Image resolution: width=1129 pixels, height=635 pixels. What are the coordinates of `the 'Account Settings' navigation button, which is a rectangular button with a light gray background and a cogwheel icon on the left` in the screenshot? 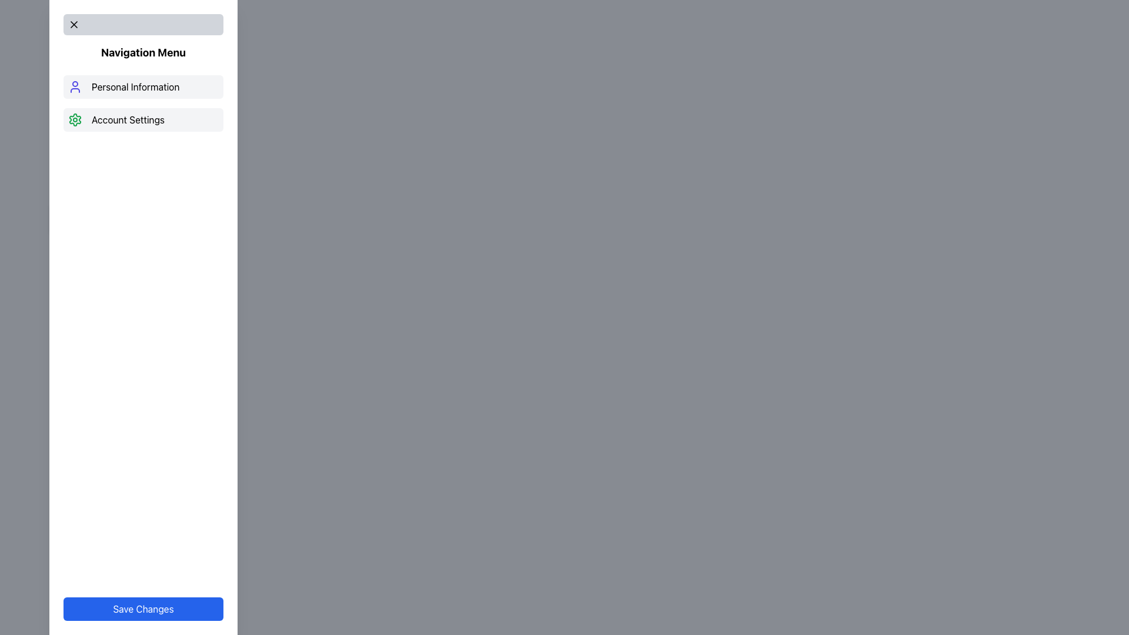 It's located at (143, 120).